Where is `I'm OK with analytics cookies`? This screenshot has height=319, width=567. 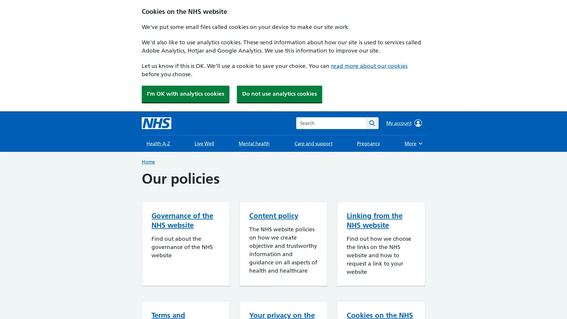 I'm OK with analytics cookies is located at coordinates (185, 93).